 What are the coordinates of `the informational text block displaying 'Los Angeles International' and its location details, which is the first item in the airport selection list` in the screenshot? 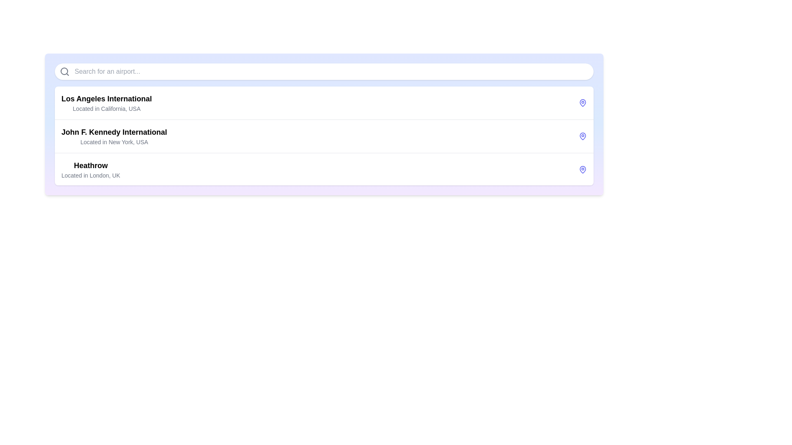 It's located at (106, 103).